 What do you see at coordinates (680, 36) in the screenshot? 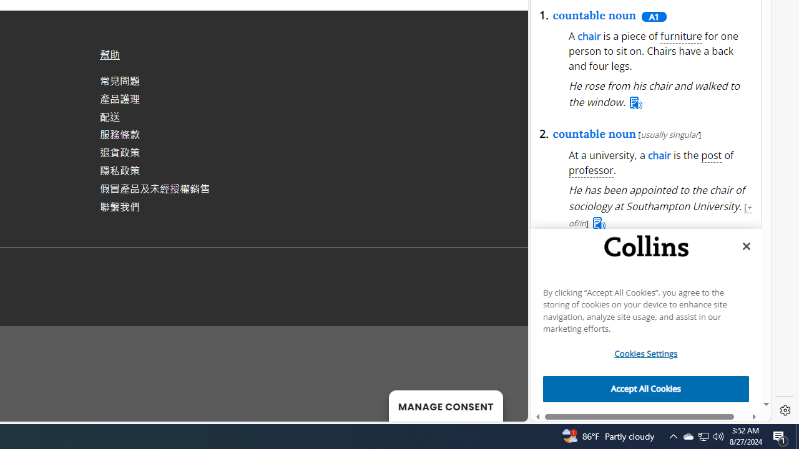
I see `'furniture'` at bounding box center [680, 36].